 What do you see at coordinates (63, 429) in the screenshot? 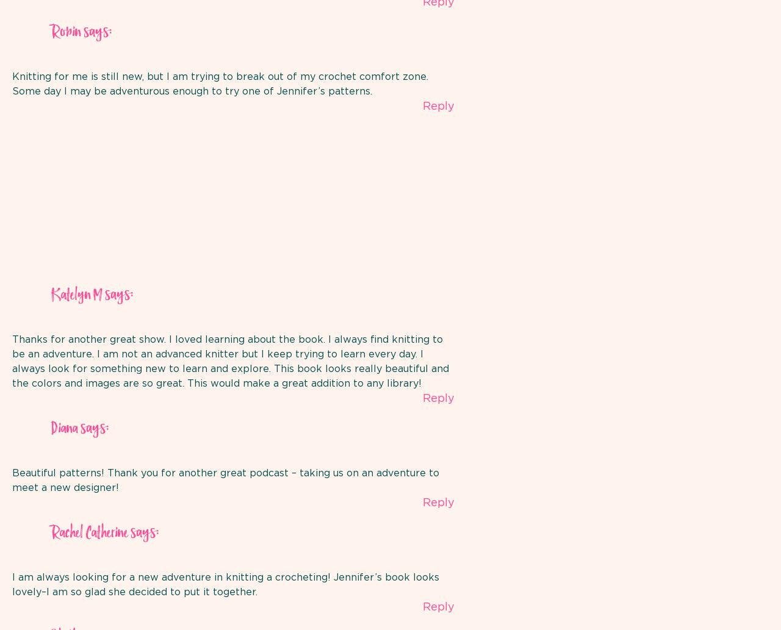
I see `'Diana'` at bounding box center [63, 429].